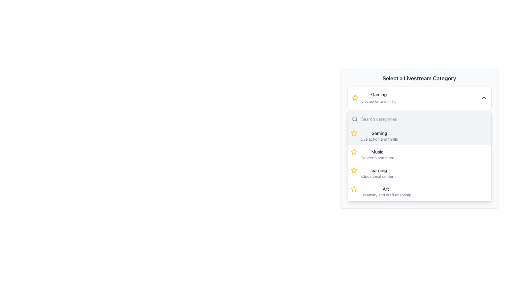 This screenshot has width=525, height=295. Describe the element at coordinates (377, 158) in the screenshot. I see `the informational Text label that describes the 'Music' category, summarizing its content as 'Concerts and more'` at that location.